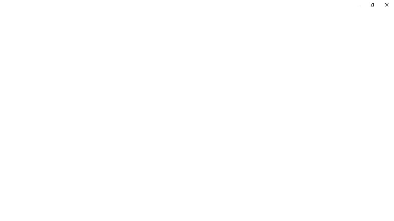 Image resolution: width=394 pixels, height=221 pixels. I want to click on 'Close Settings', so click(386, 5).